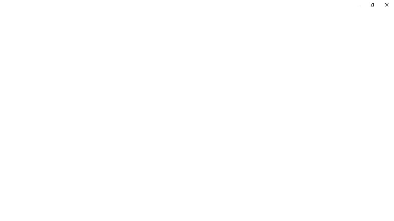 Image resolution: width=394 pixels, height=221 pixels. I want to click on 'Close Settings', so click(386, 5).